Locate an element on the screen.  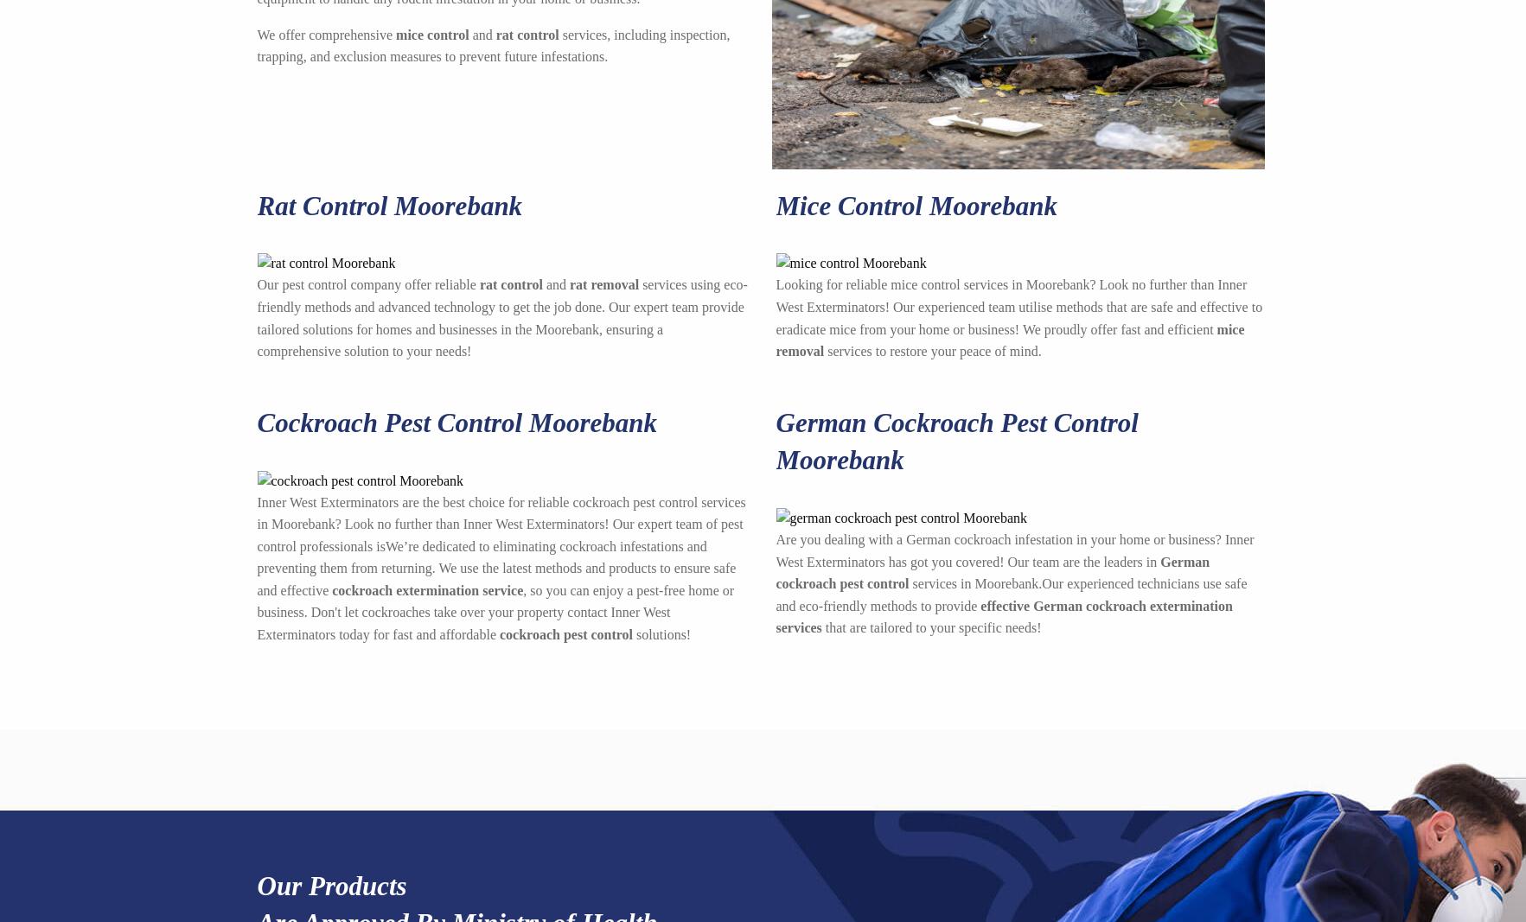
'Our Products' is located at coordinates (330, 885).